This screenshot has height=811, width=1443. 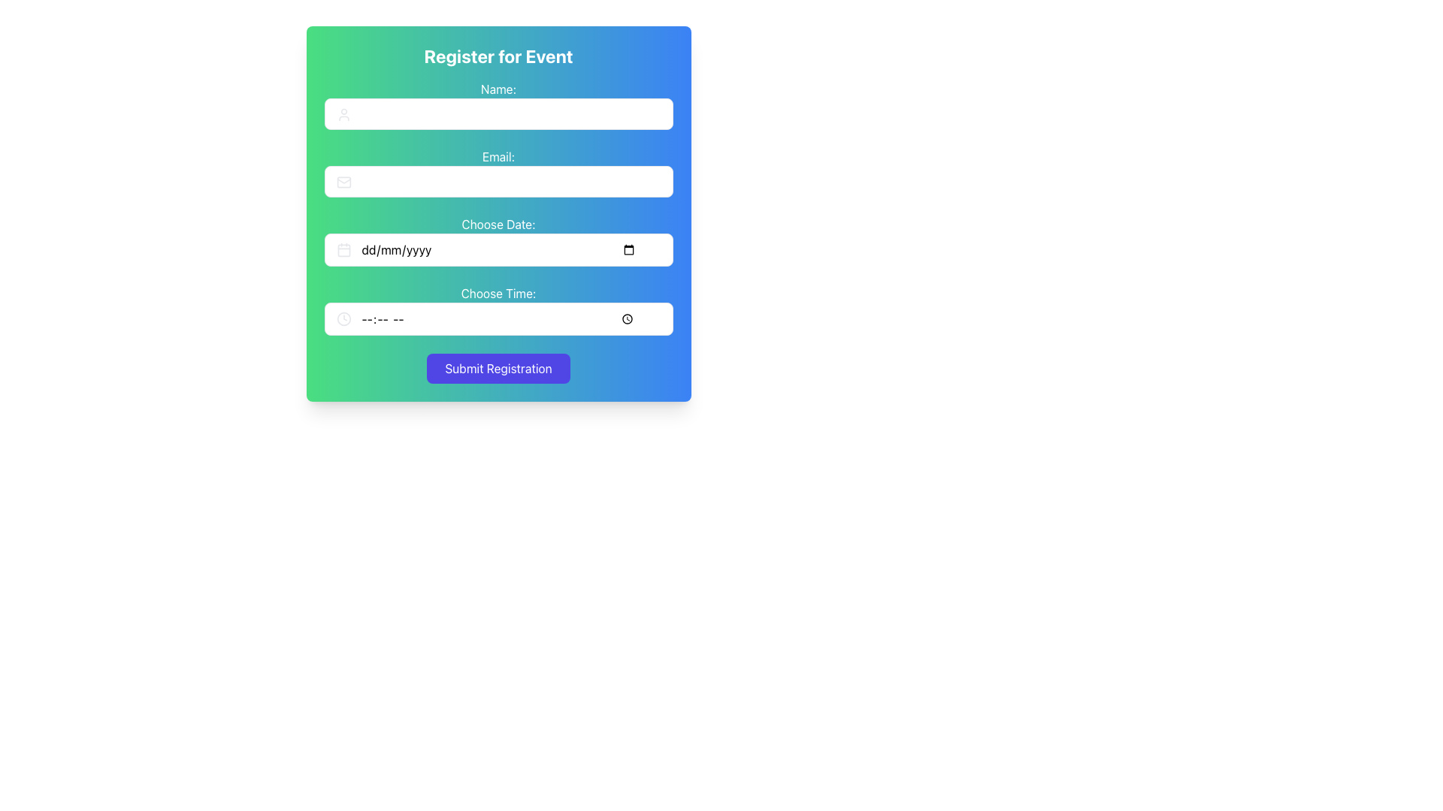 I want to click on the outermost circular boundary of the clock representation in the 'Choose Time' row of the form, which is a decorative SVG element located at the right side of the time selection input box, so click(x=343, y=318).